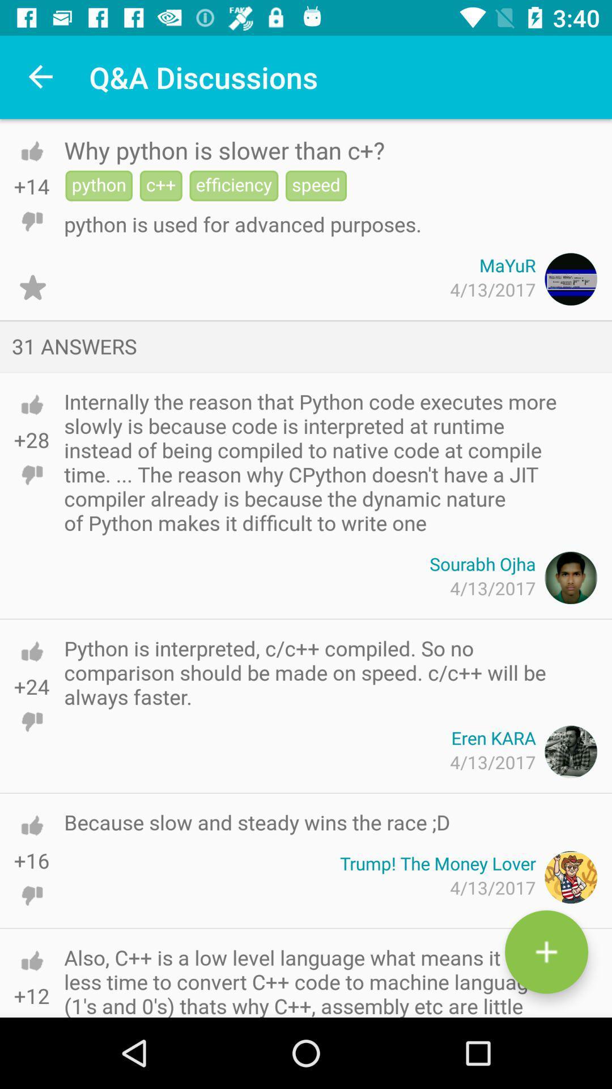 The image size is (612, 1089). Describe the element at coordinates (32, 288) in the screenshot. I see `current discussion` at that location.